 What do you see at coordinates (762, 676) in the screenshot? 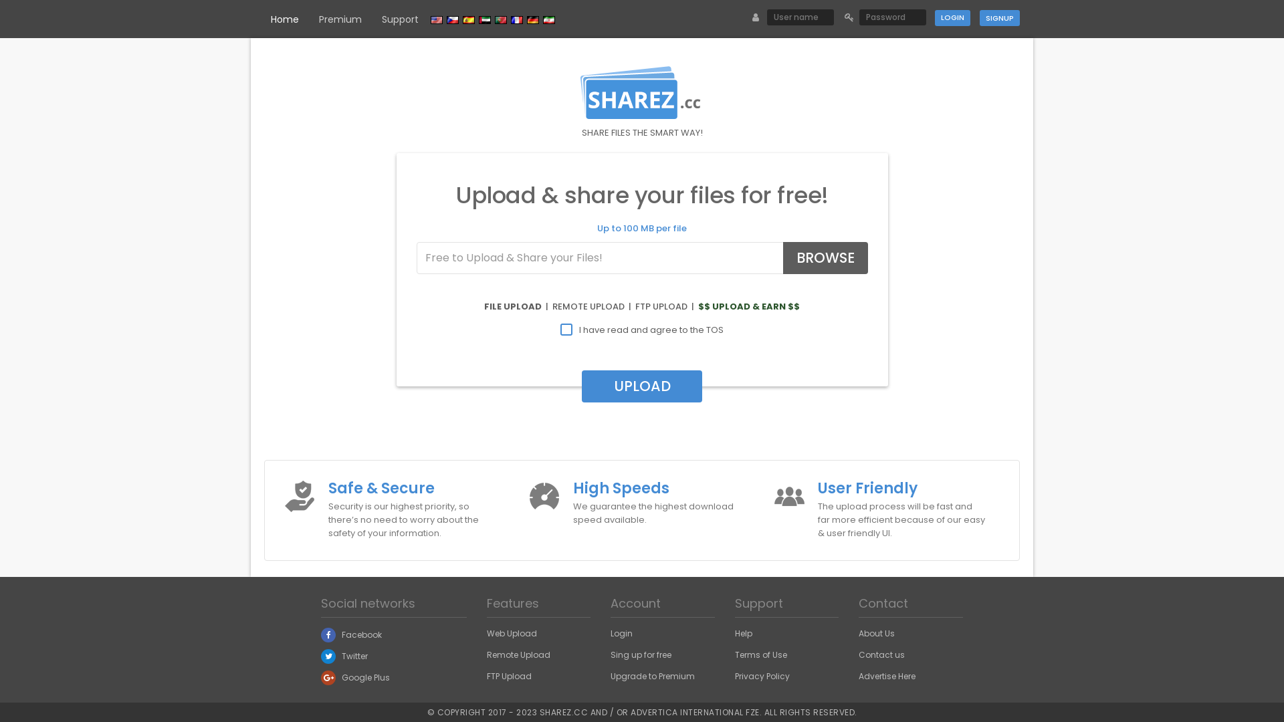
I see `'Privacy Policy'` at bounding box center [762, 676].